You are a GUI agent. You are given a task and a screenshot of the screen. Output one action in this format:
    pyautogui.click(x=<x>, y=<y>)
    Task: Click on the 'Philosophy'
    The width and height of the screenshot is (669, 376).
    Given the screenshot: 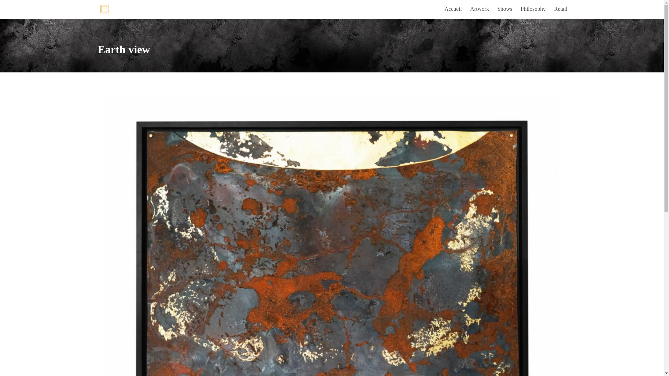 What is the action you would take?
    pyautogui.click(x=533, y=9)
    